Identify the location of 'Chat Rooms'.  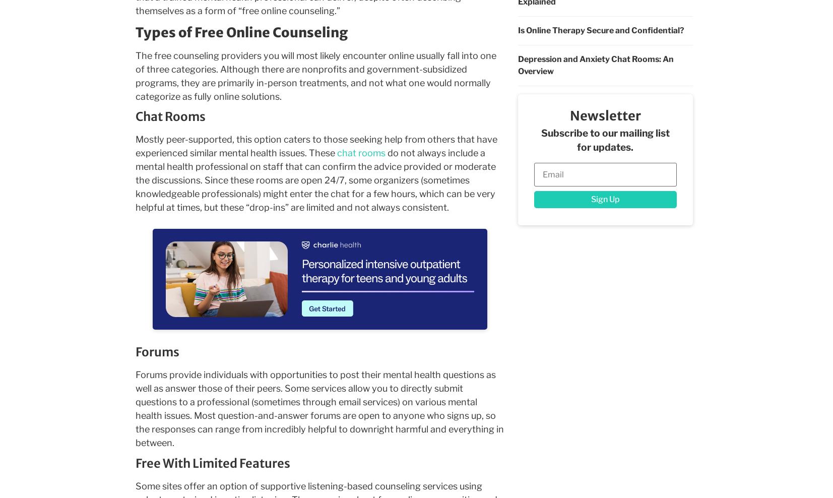
(134, 116).